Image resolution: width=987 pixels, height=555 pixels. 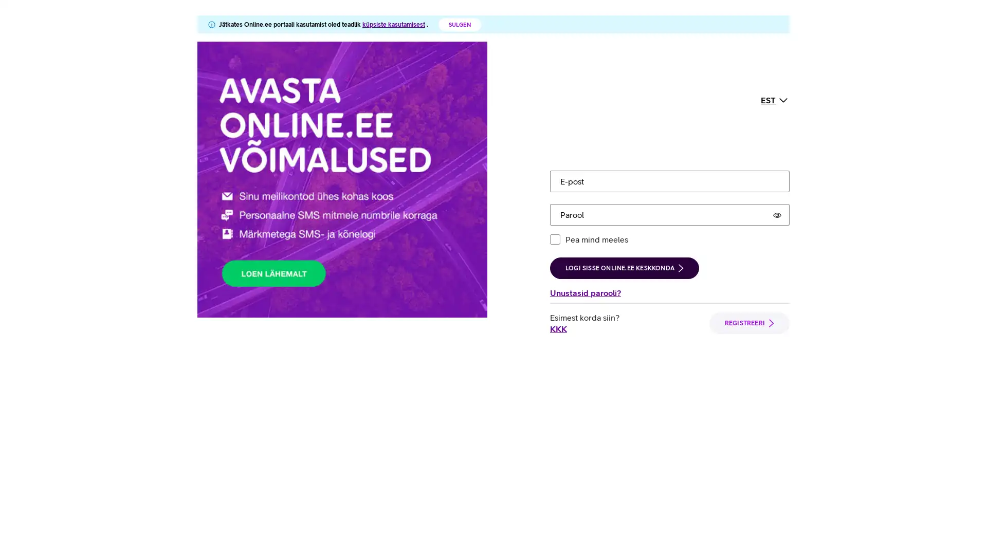 What do you see at coordinates (624, 172) in the screenshot?
I see `LOGI SISSE ONLINE.EE KESKKONDA` at bounding box center [624, 172].